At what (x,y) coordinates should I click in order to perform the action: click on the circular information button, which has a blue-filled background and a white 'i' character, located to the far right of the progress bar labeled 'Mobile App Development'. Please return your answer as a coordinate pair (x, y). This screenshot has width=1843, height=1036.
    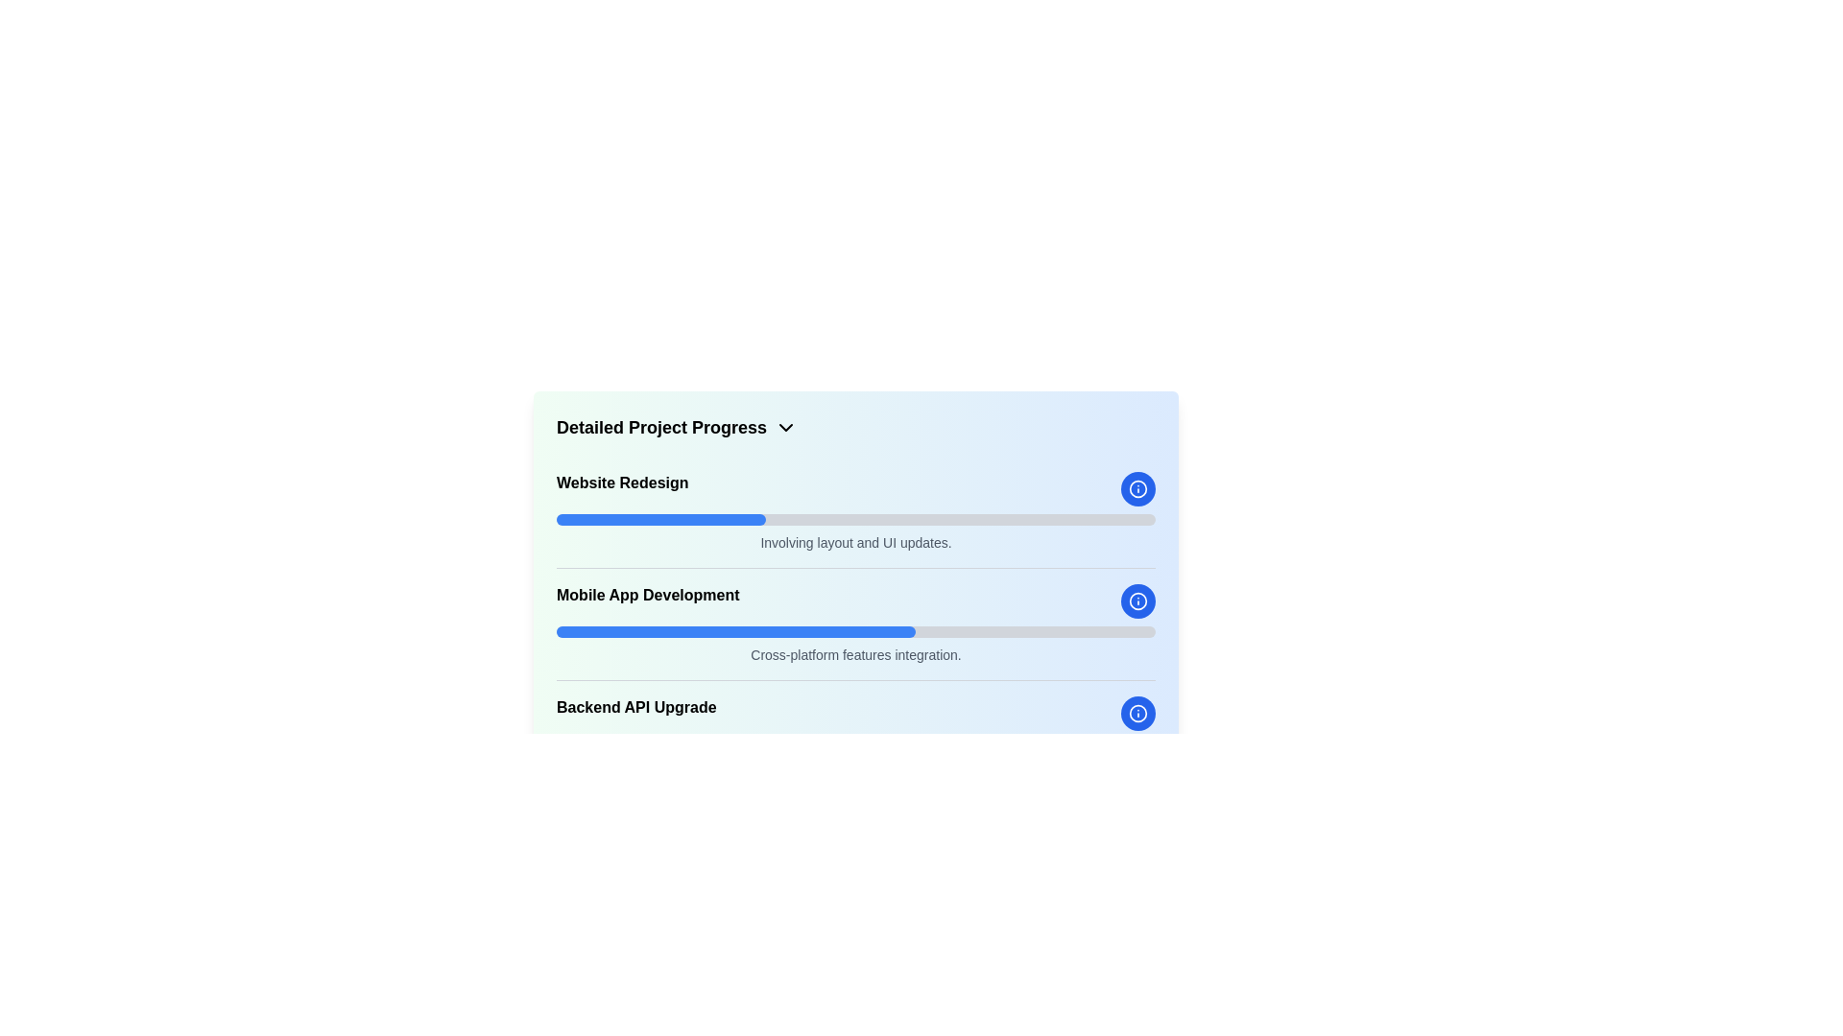
    Looking at the image, I should click on (1137, 600).